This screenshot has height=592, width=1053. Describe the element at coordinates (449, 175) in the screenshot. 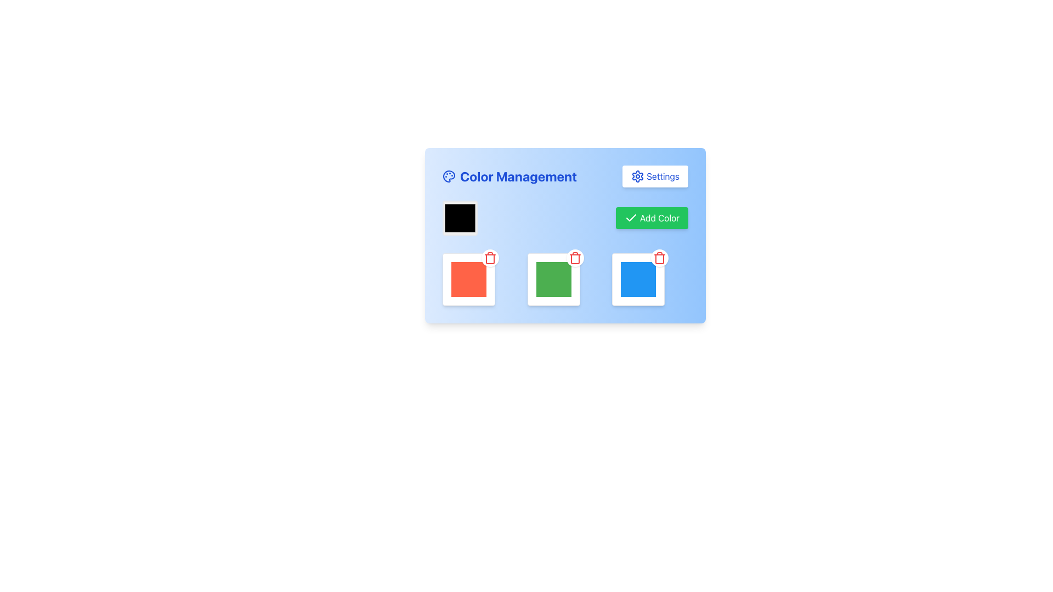

I see `the circular blue palette icon located in the top-left corner of the blue rectangular section near the 'Color Management' text` at that location.